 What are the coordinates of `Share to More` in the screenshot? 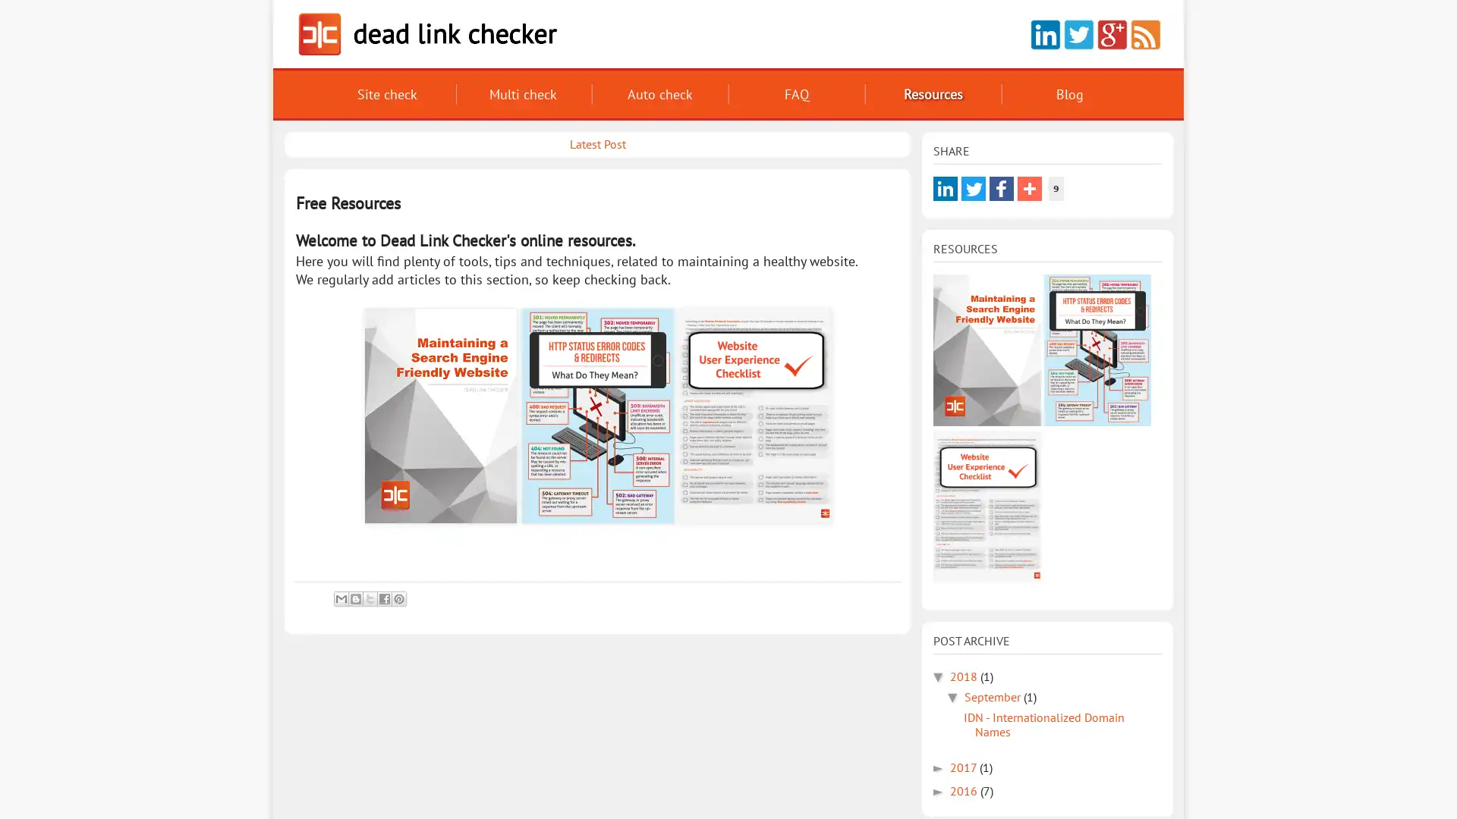 It's located at (1030, 188).